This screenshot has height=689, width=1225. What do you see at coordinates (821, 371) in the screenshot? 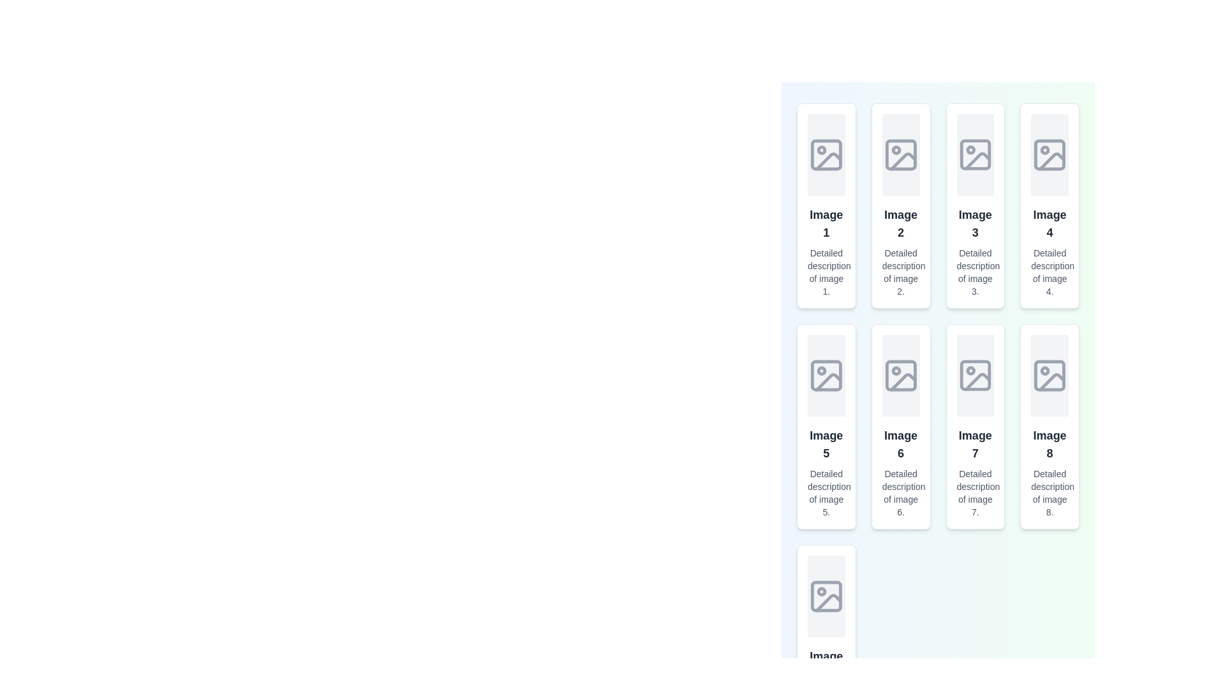
I see `the circular graphical component within the SVG placeholder image icon located in the 'Image 5' card of the second row` at bounding box center [821, 371].